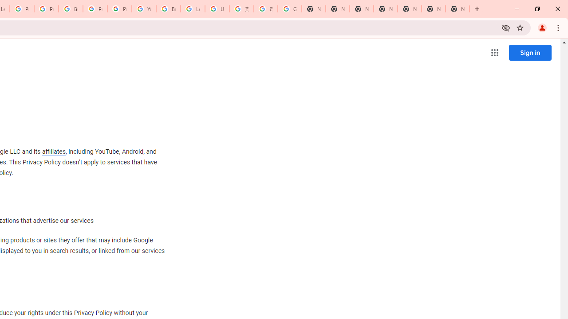 The width and height of the screenshot is (568, 319). What do you see at coordinates (289, 9) in the screenshot?
I see `'Google Images'` at bounding box center [289, 9].